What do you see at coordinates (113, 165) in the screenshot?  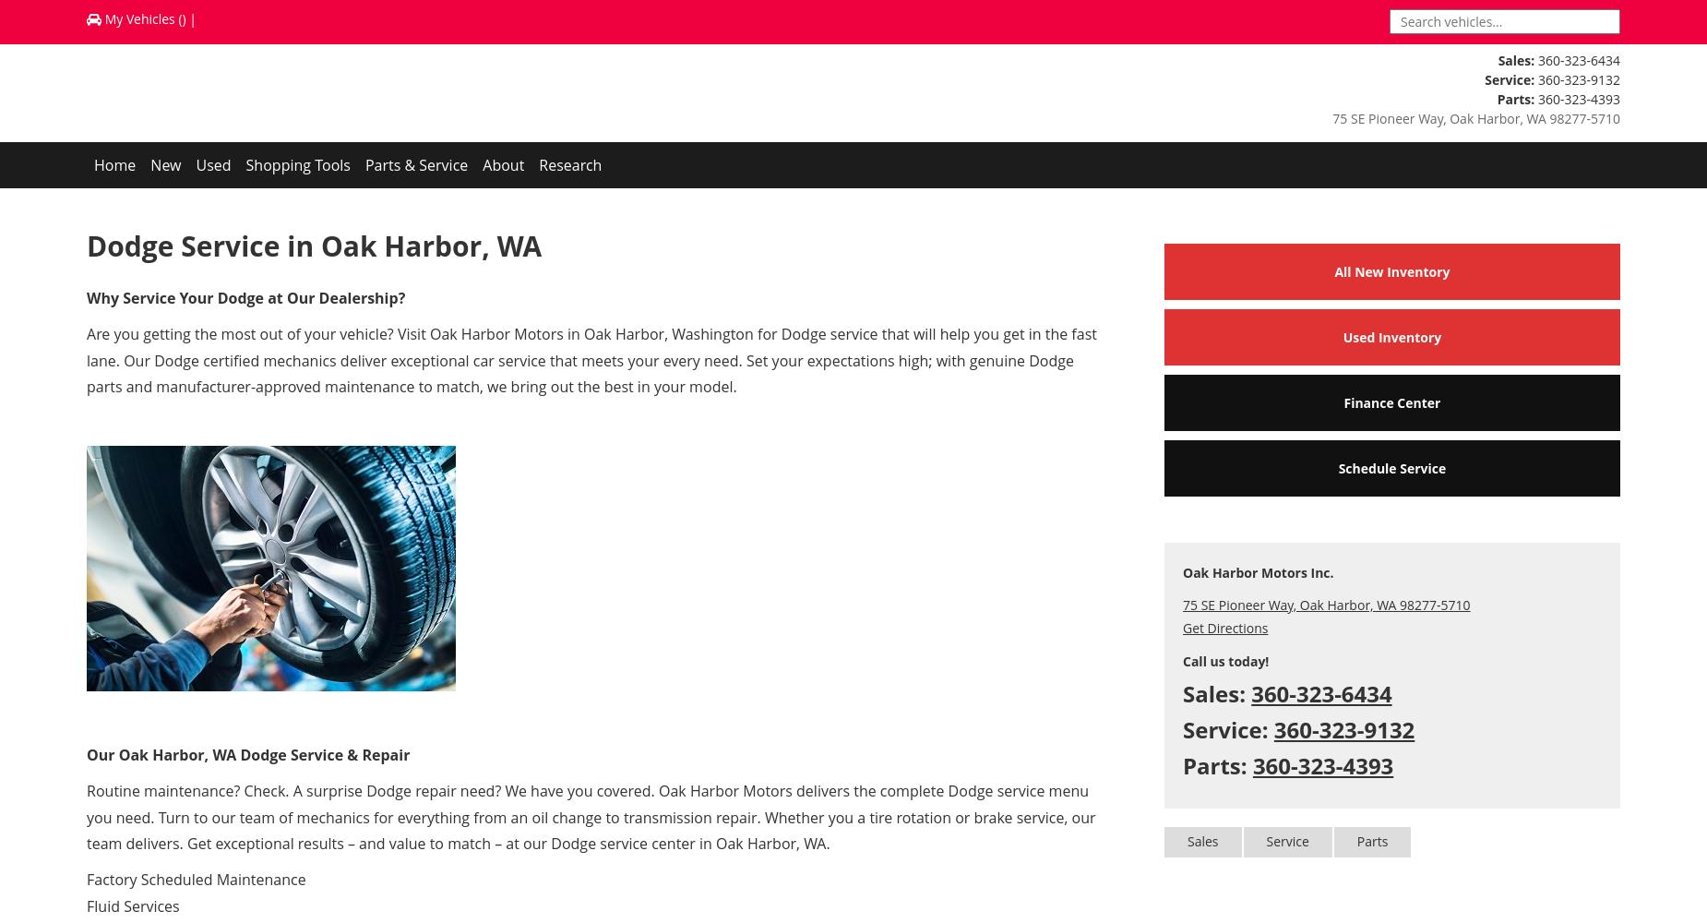 I see `'Home'` at bounding box center [113, 165].